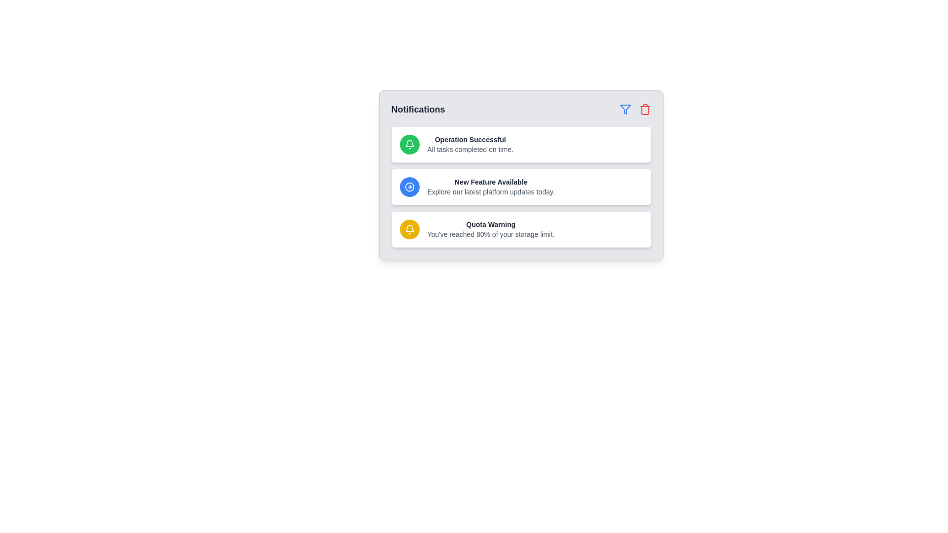  I want to click on the circular green notification icon with a white bell illustration, located to the left of the 'Operation Successful' message in the notification box, so click(409, 145).